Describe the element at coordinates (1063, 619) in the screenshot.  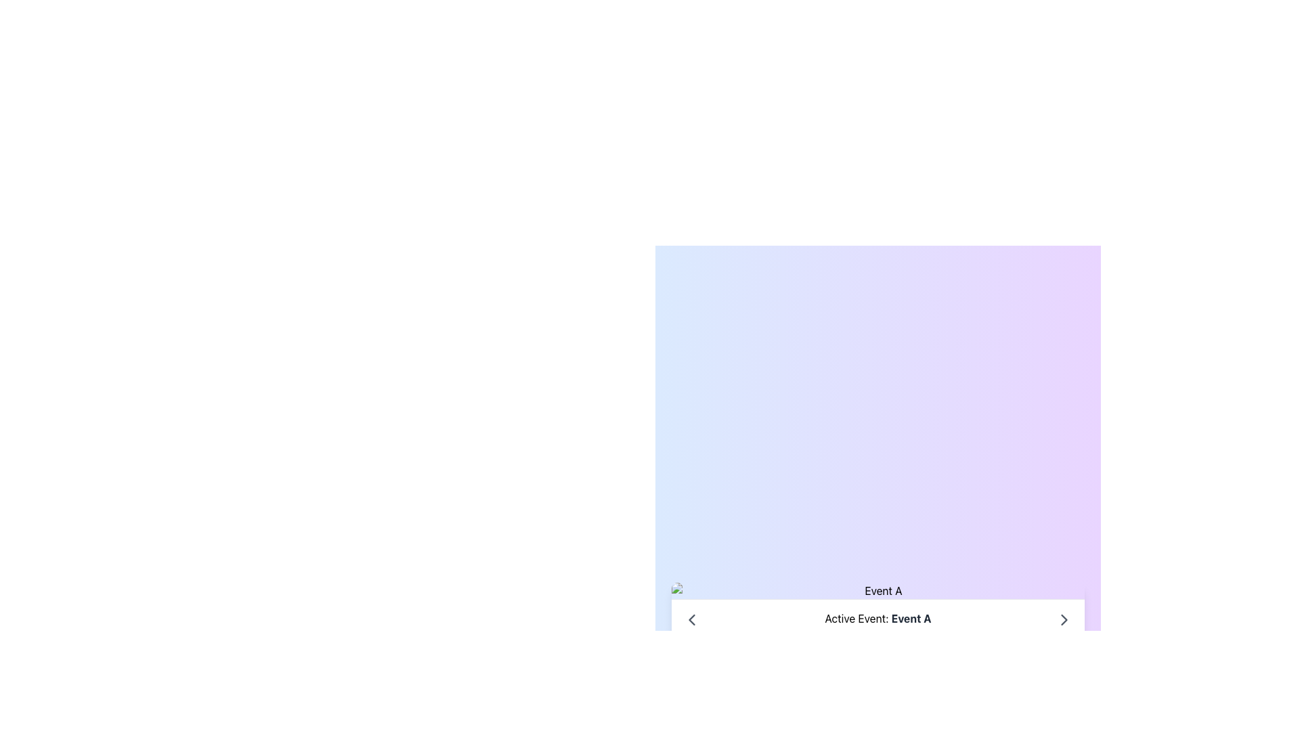
I see `the right-facing chevron icon located at the far right end of the bottom white bar` at that location.